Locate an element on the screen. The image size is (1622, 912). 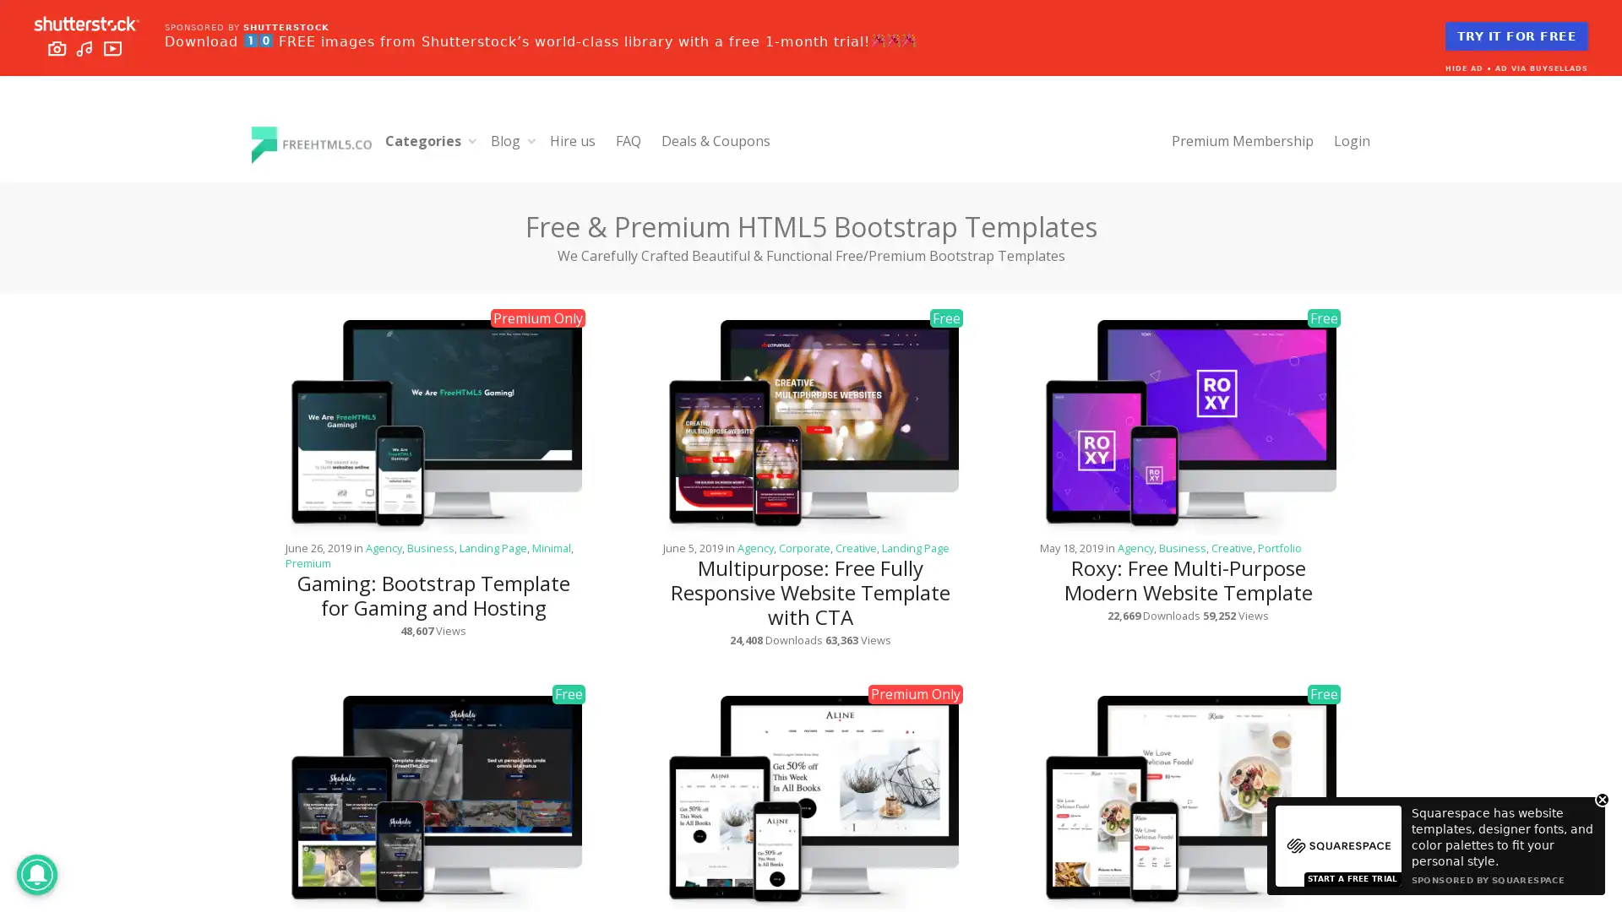
Expand child menu is located at coordinates (472, 139).